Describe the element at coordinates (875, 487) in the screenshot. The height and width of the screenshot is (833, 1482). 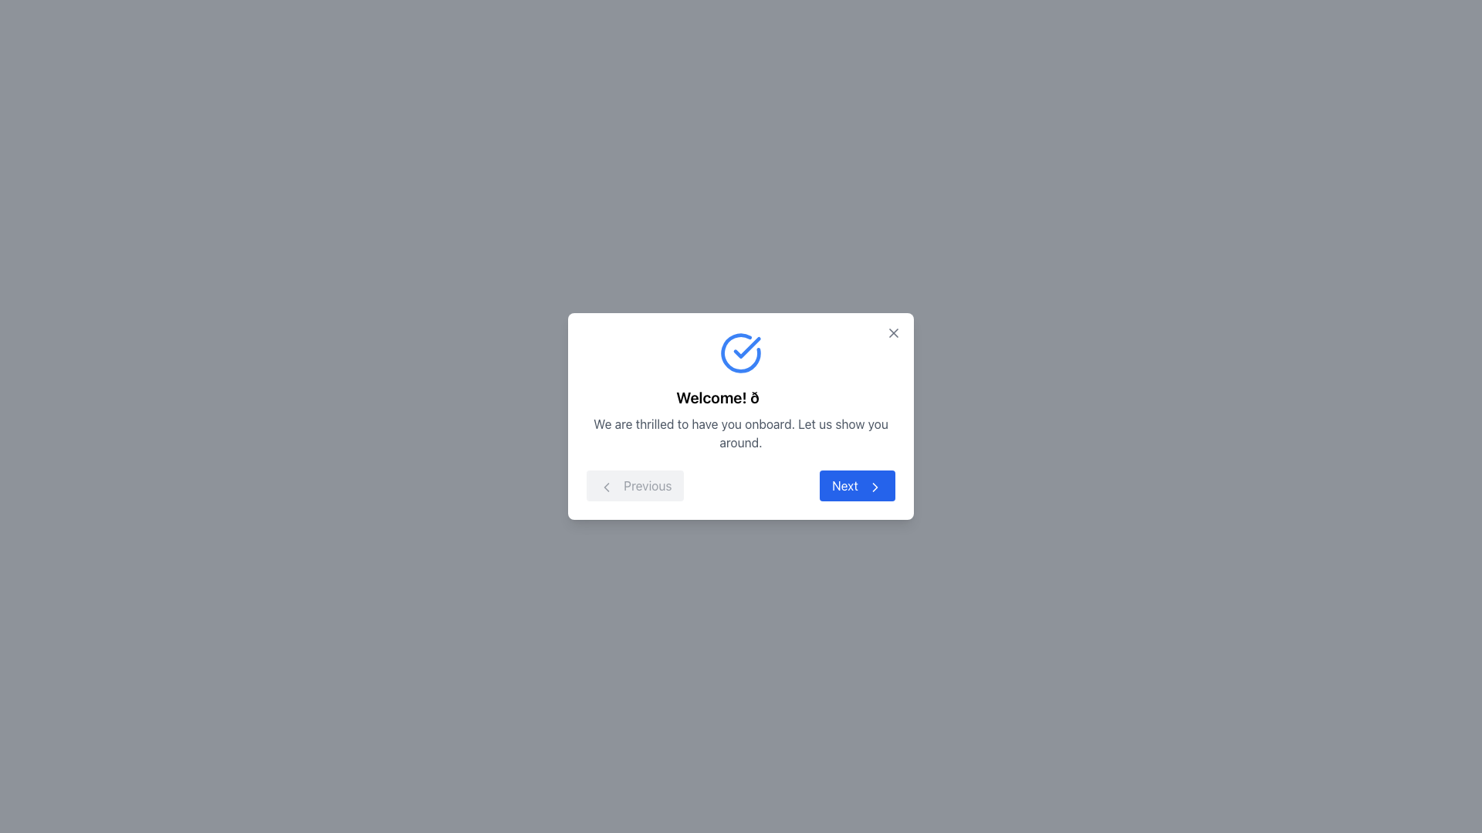
I see `the right-facing chevron icon within the 'Next' button in the dialog box` at that location.